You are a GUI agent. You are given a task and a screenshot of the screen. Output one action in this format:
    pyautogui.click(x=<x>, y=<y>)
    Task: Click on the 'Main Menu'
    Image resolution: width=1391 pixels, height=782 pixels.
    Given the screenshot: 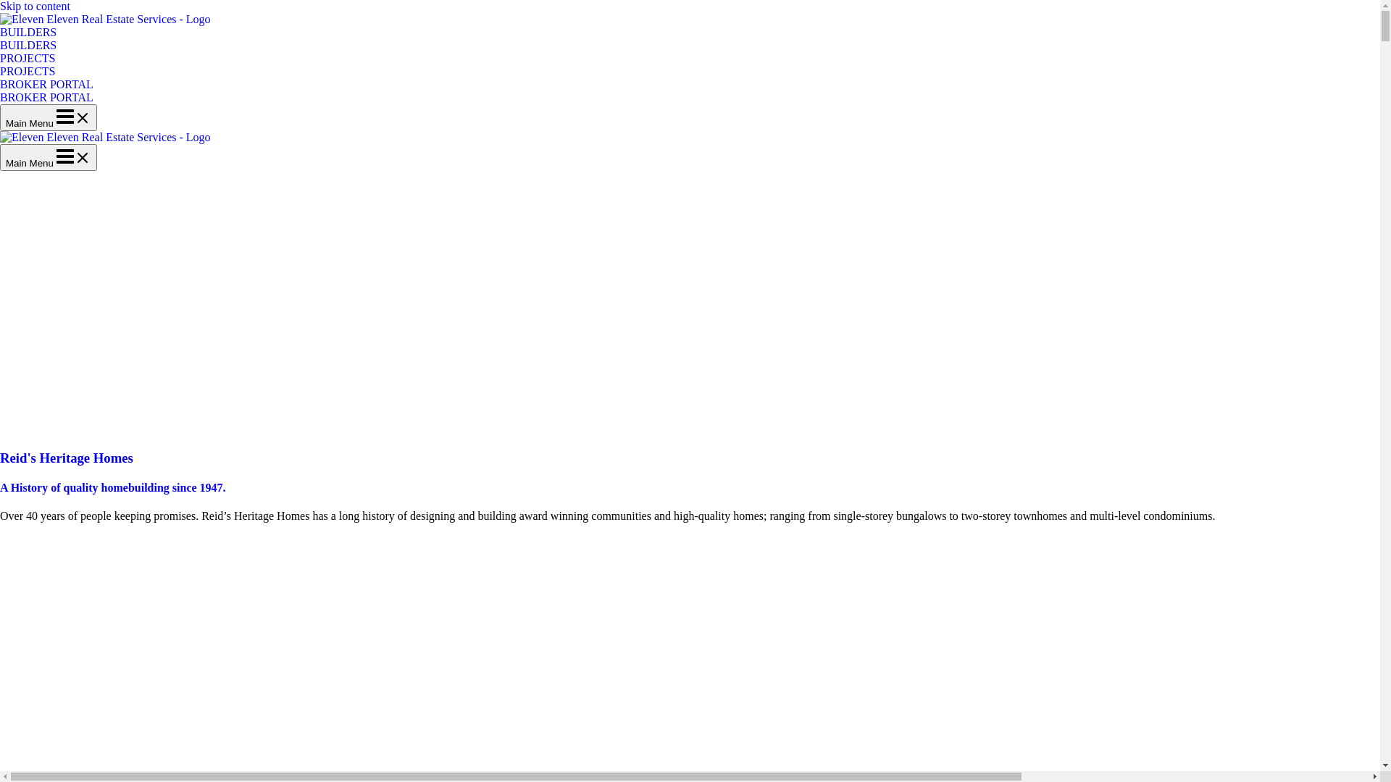 What is the action you would take?
    pyautogui.click(x=49, y=157)
    